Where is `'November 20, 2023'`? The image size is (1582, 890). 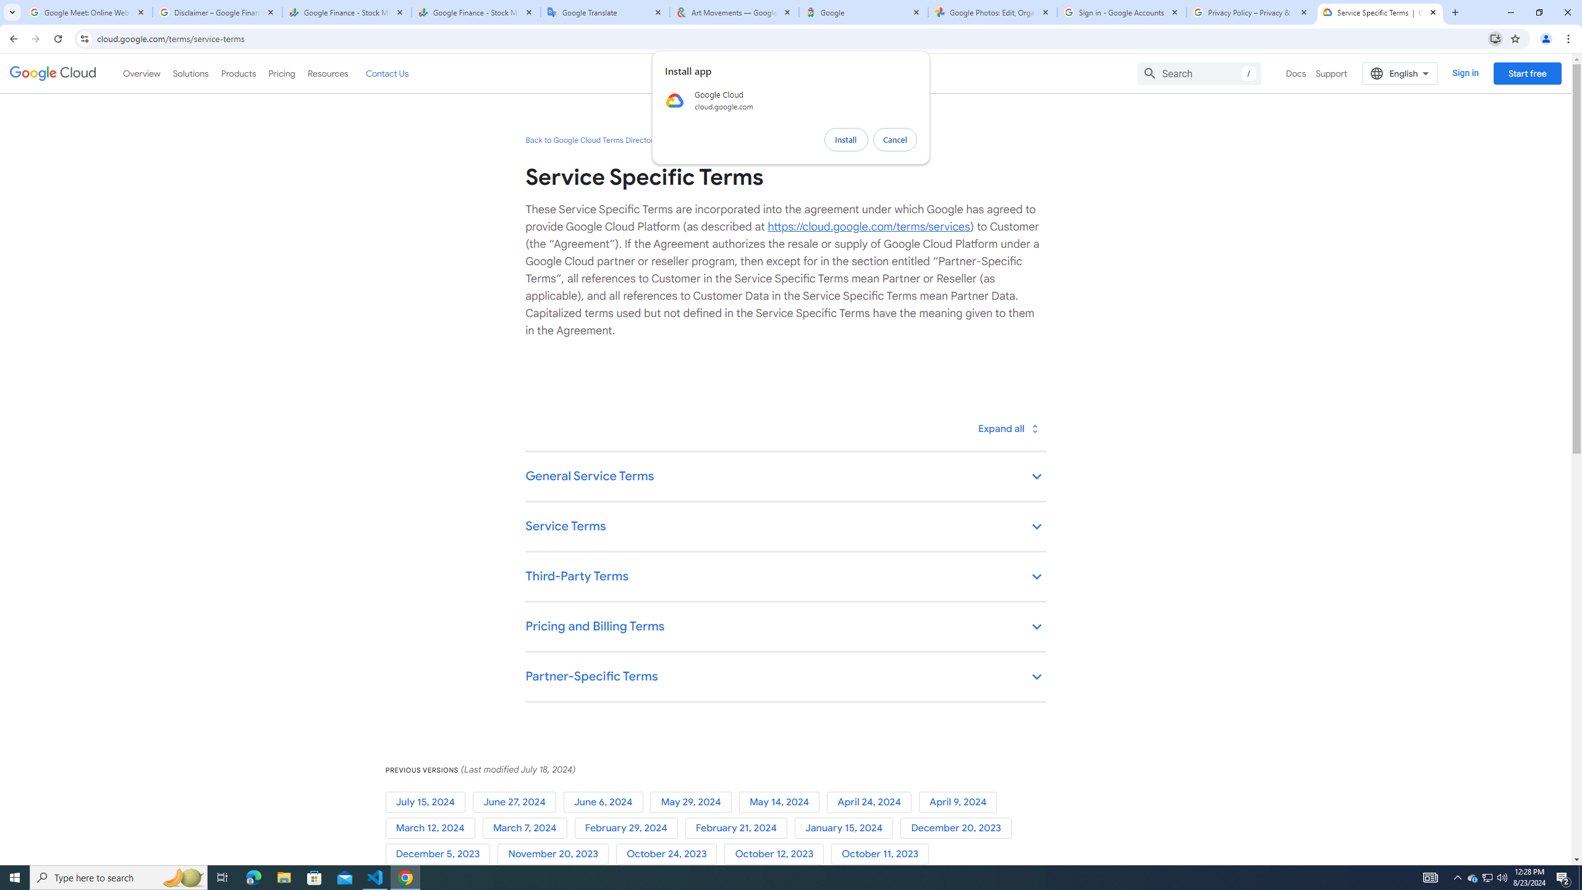
'November 20, 2023' is located at coordinates (555, 854).